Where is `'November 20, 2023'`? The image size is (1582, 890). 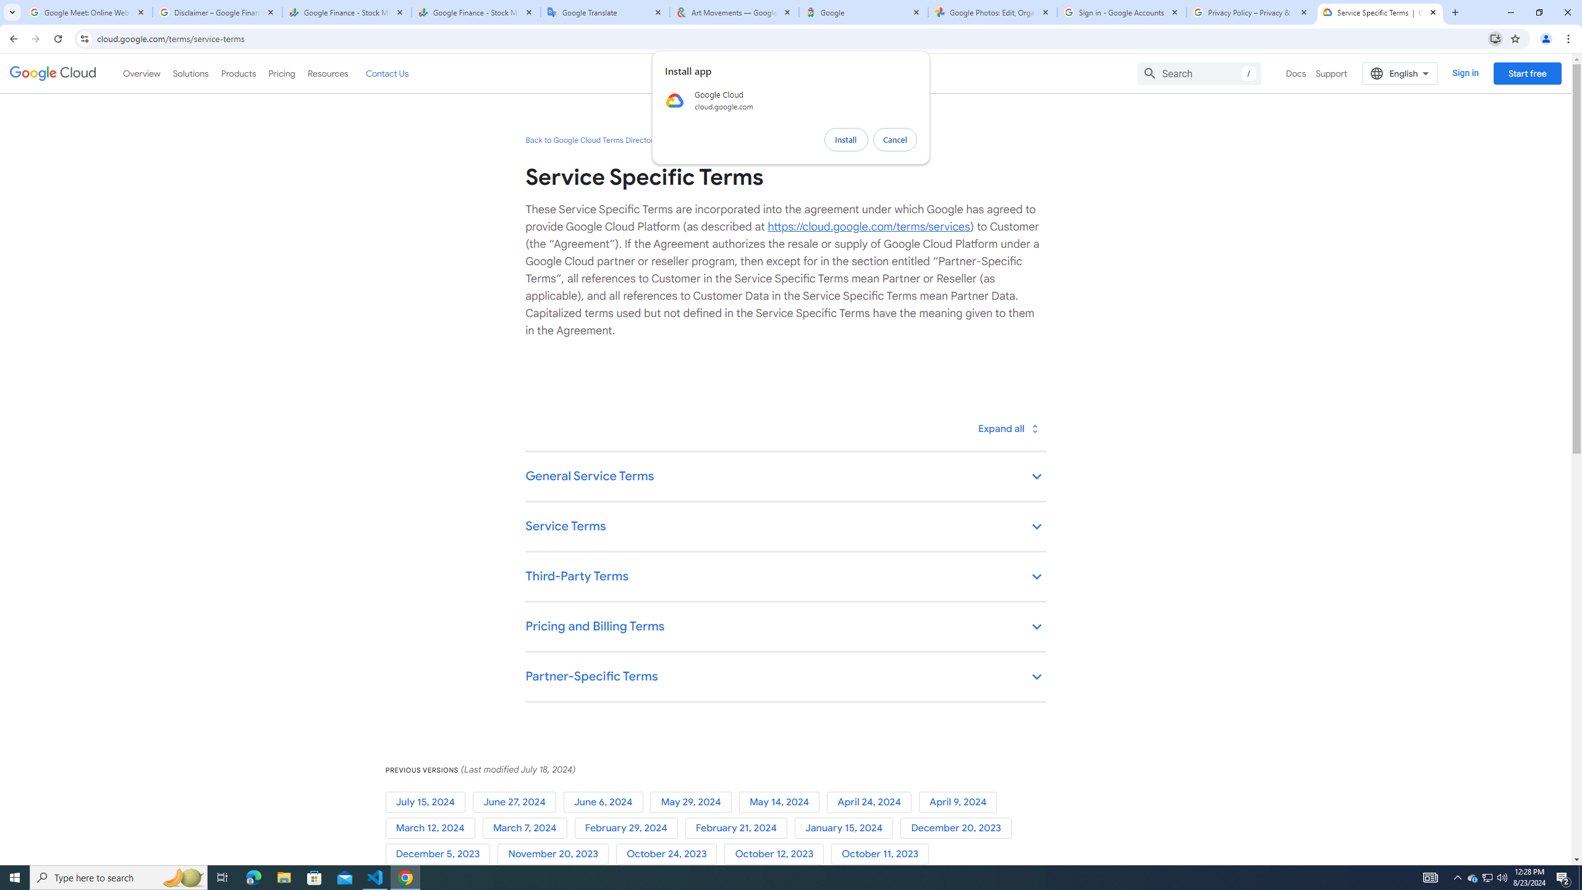
'November 20, 2023' is located at coordinates (555, 854).